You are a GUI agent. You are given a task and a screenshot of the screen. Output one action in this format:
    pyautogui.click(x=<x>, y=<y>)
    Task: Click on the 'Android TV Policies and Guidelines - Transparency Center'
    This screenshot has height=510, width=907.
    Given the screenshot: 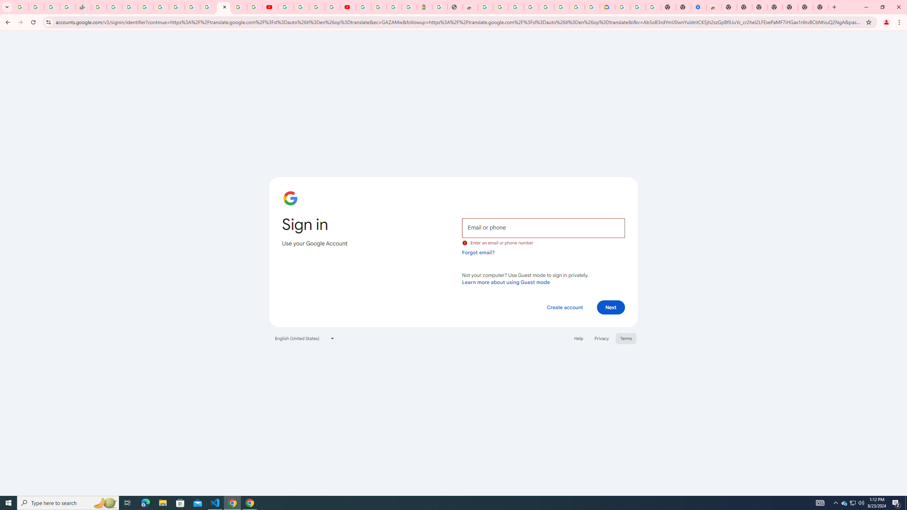 What is the action you would take?
    pyautogui.click(x=192, y=7)
    